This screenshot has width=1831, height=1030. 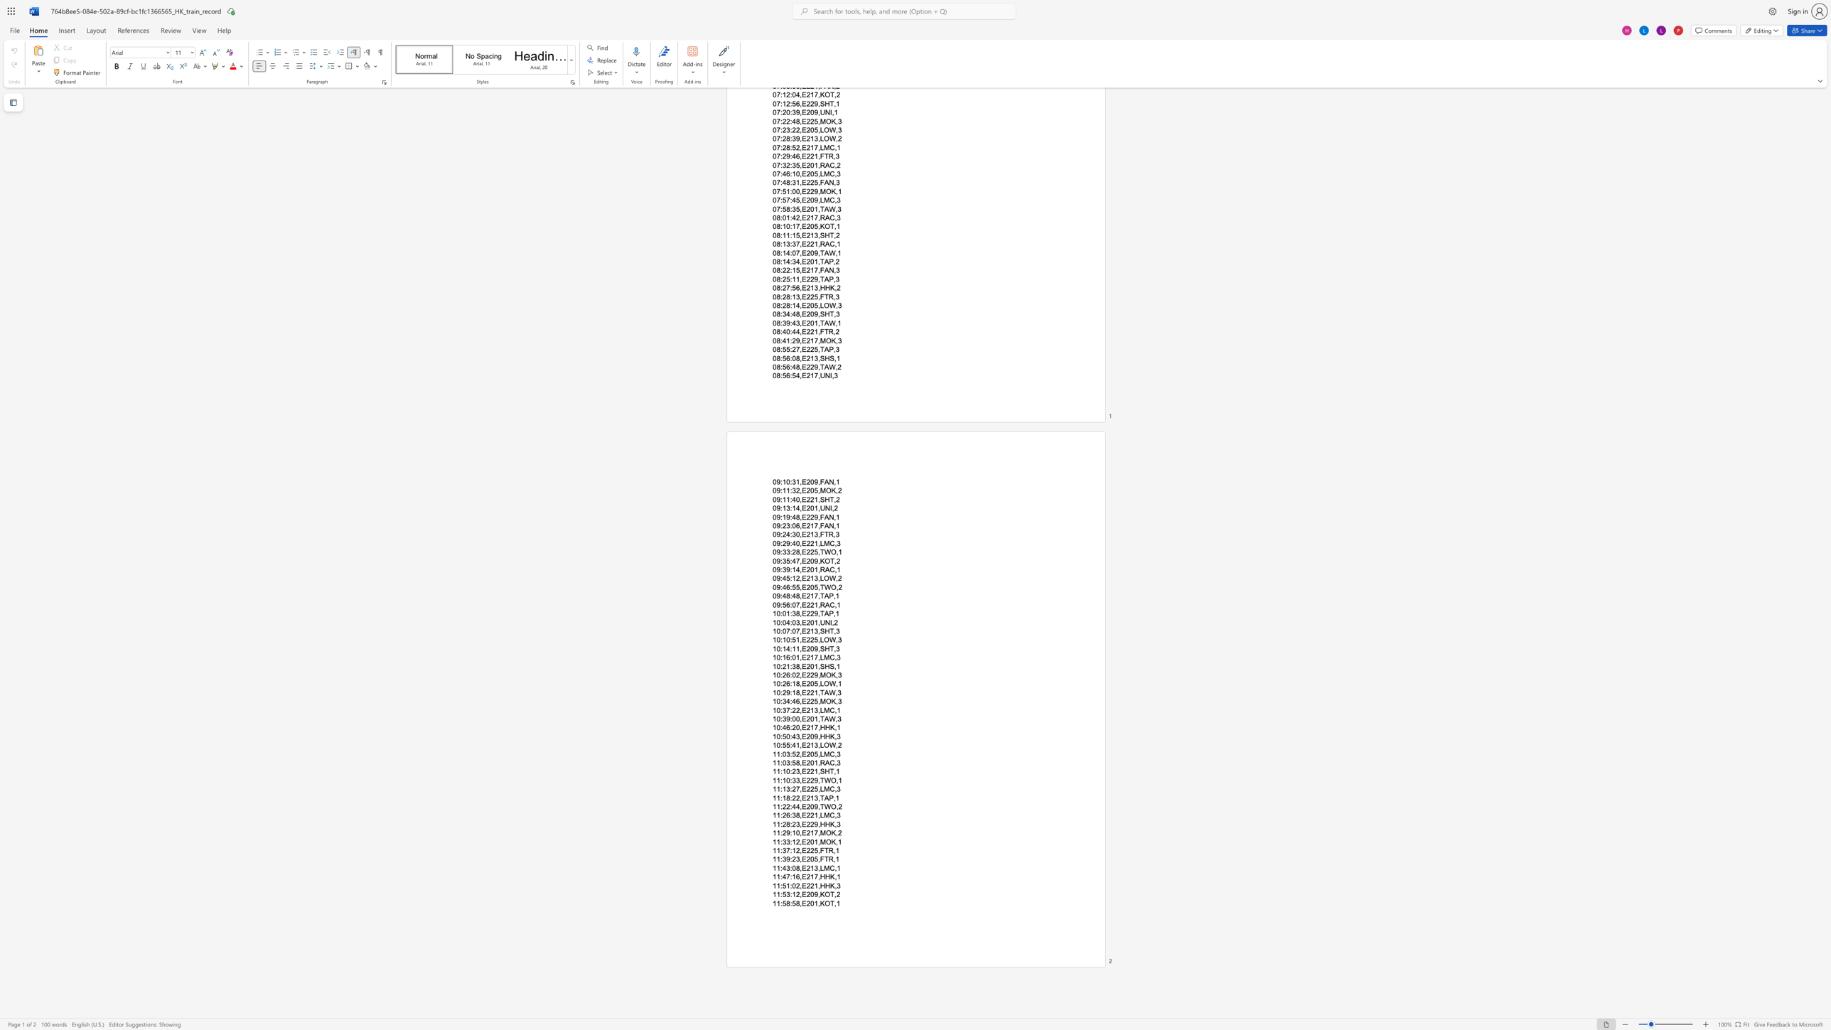 What do you see at coordinates (776, 832) in the screenshot?
I see `the subset text "1:29:10,E217" within the text "11:29:10,E217,MOK,2"` at bounding box center [776, 832].